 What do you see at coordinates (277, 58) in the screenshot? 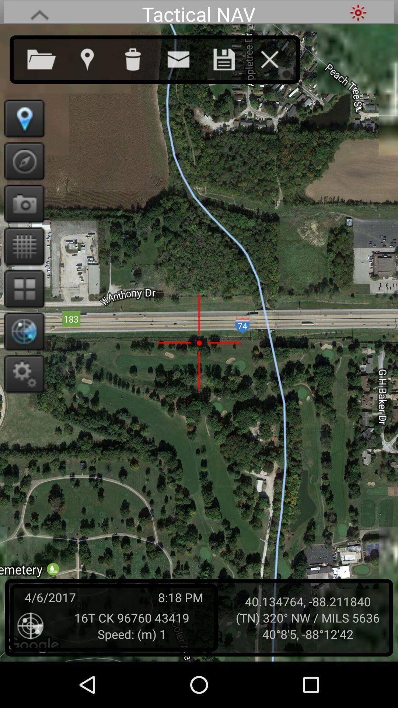
I see `exit navigation` at bounding box center [277, 58].